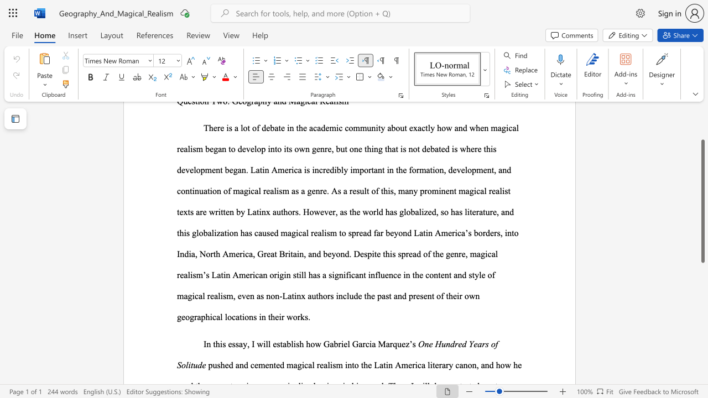  Describe the element at coordinates (702, 292) in the screenshot. I see `the scrollbar to move the content lower` at that location.